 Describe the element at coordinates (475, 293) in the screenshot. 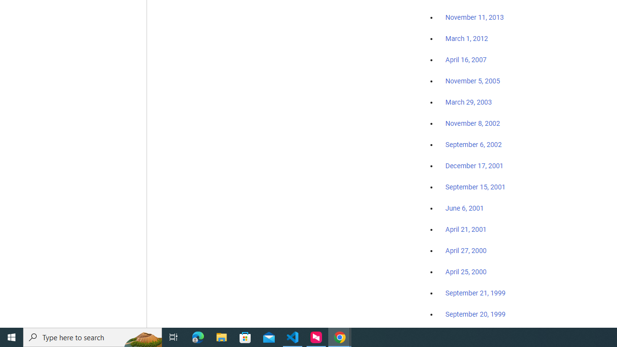

I see `'September 21, 1999'` at that location.